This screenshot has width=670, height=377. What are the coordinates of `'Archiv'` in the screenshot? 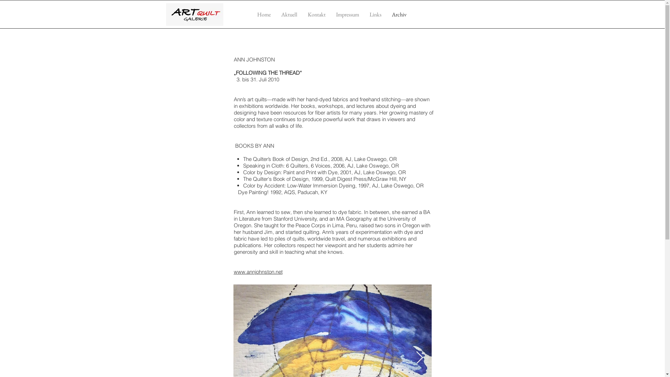 It's located at (399, 14).